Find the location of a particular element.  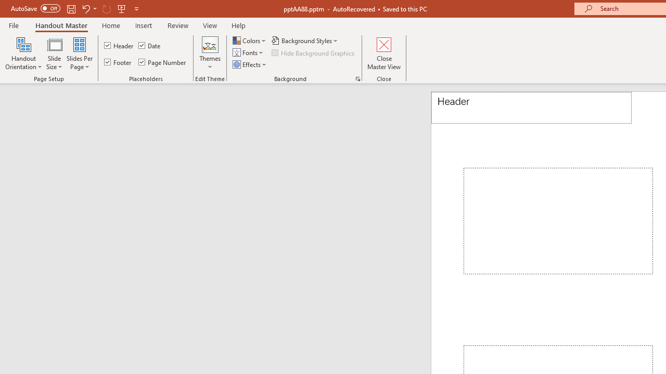

'Slides Per Page' is located at coordinates (79, 54).